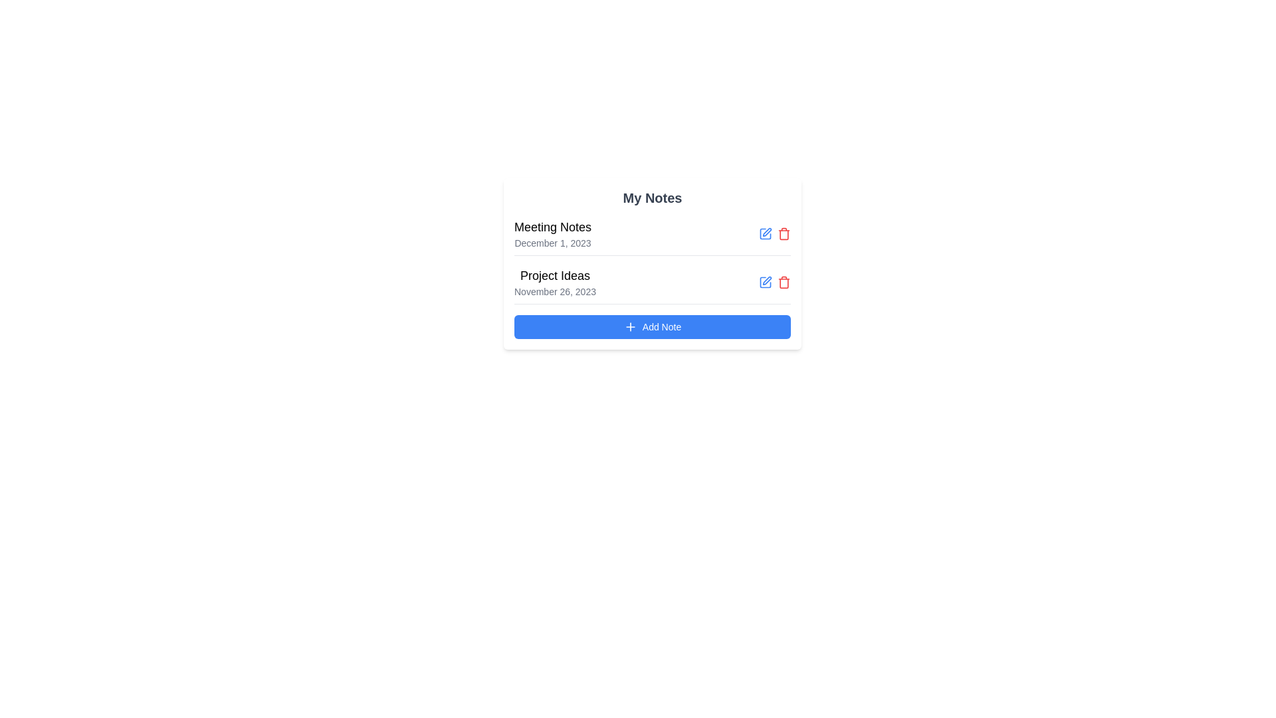  Describe the element at coordinates (555, 281) in the screenshot. I see `the textual display containing the title 'Project Ideas' and the subtitle 'November 26, 2023', which is located in the second row of the list layout under 'My Notes'` at that location.